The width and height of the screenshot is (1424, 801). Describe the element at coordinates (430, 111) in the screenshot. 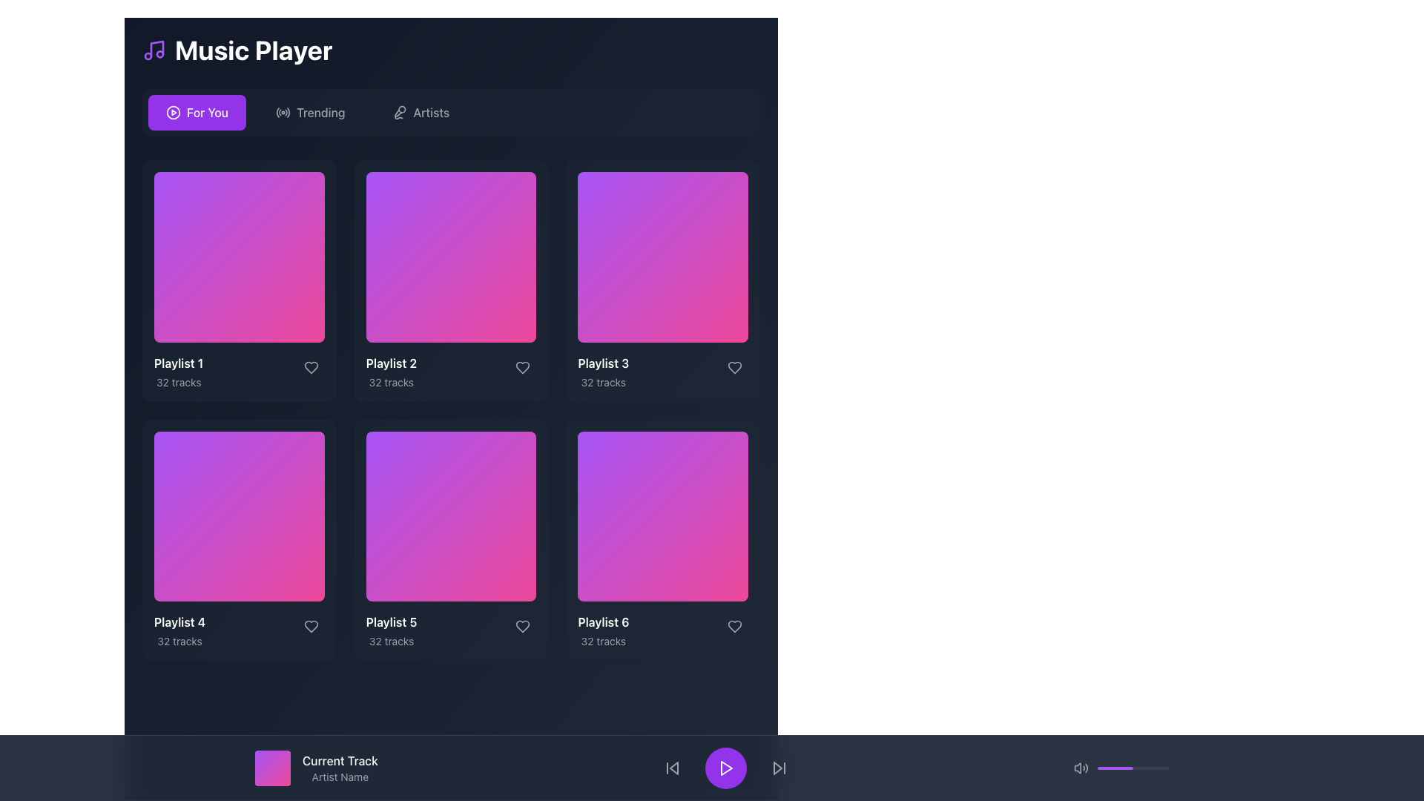

I see `the text label indicating a specific section or feature of the interface for artists, located immediately to the right of an SVG icon in the header section` at that location.